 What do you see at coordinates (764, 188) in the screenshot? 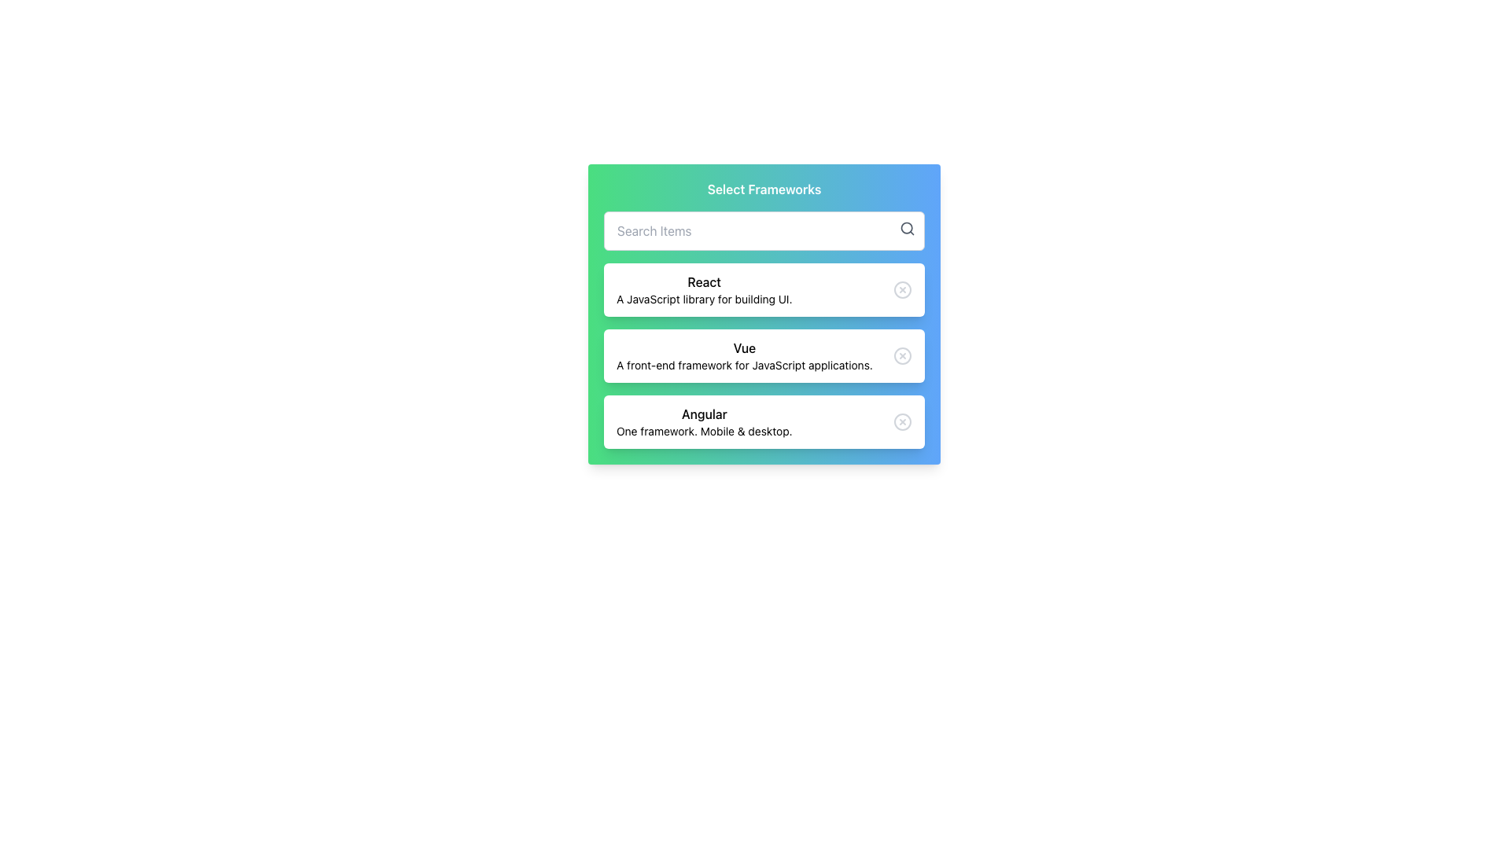
I see `the title label indicating the selection of frameworks, which is positioned above the search bar and the list items for 'React', 'Vue', and 'Angular'` at bounding box center [764, 188].